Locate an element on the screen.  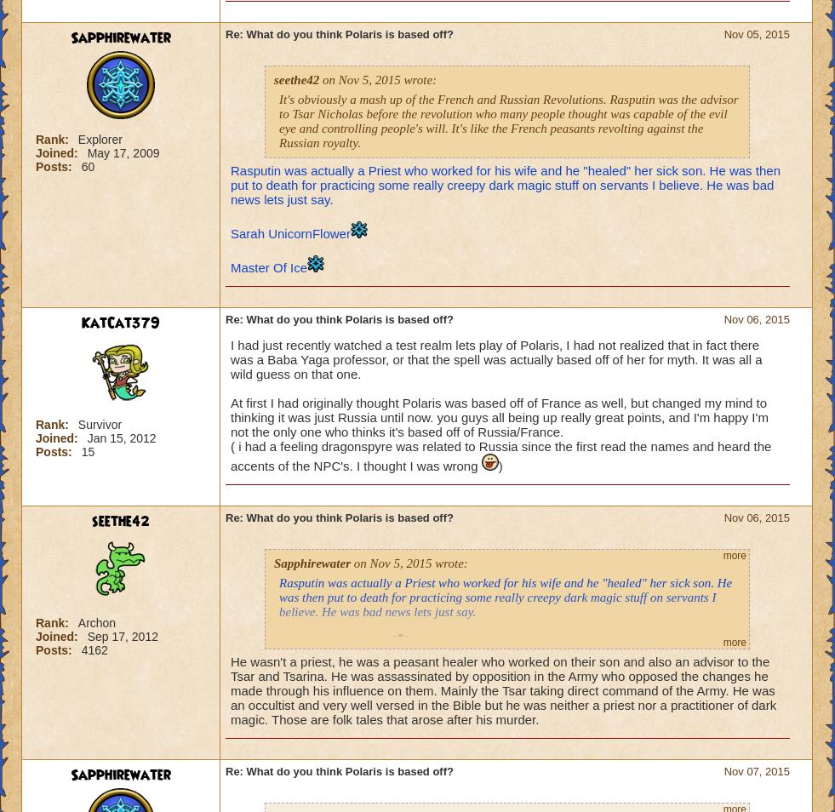
'Jan 15, 2012' is located at coordinates (120, 437).